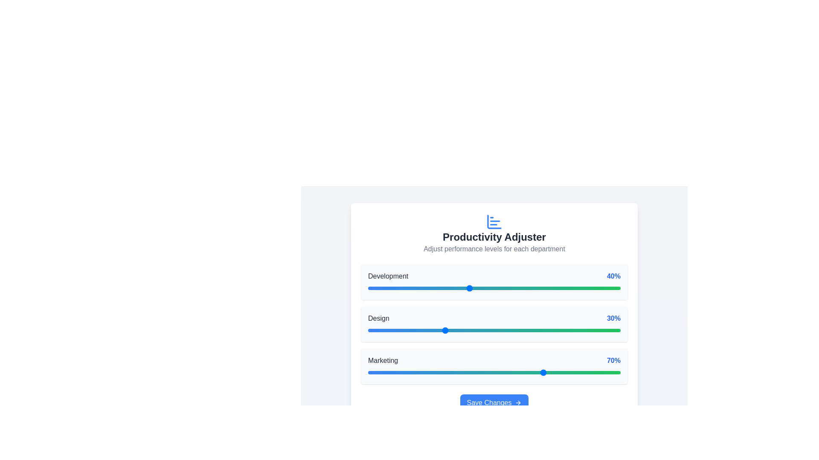 The width and height of the screenshot is (819, 460). What do you see at coordinates (544, 330) in the screenshot?
I see `the slider` at bounding box center [544, 330].